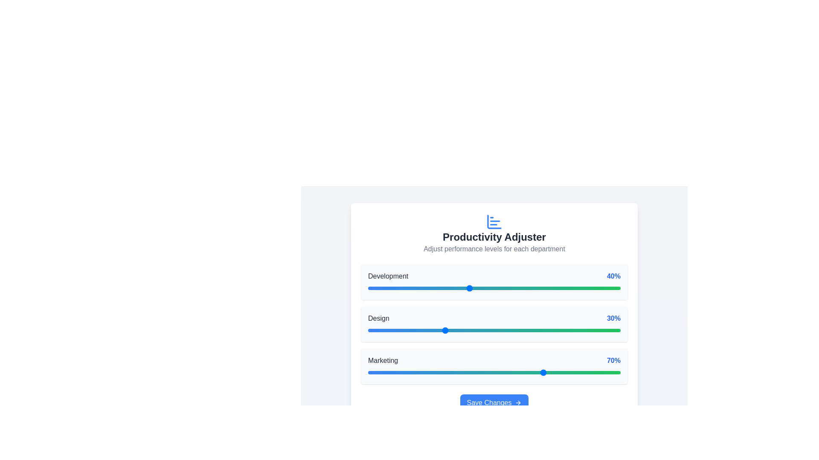 The width and height of the screenshot is (819, 460). What do you see at coordinates (544, 330) in the screenshot?
I see `the slider` at bounding box center [544, 330].